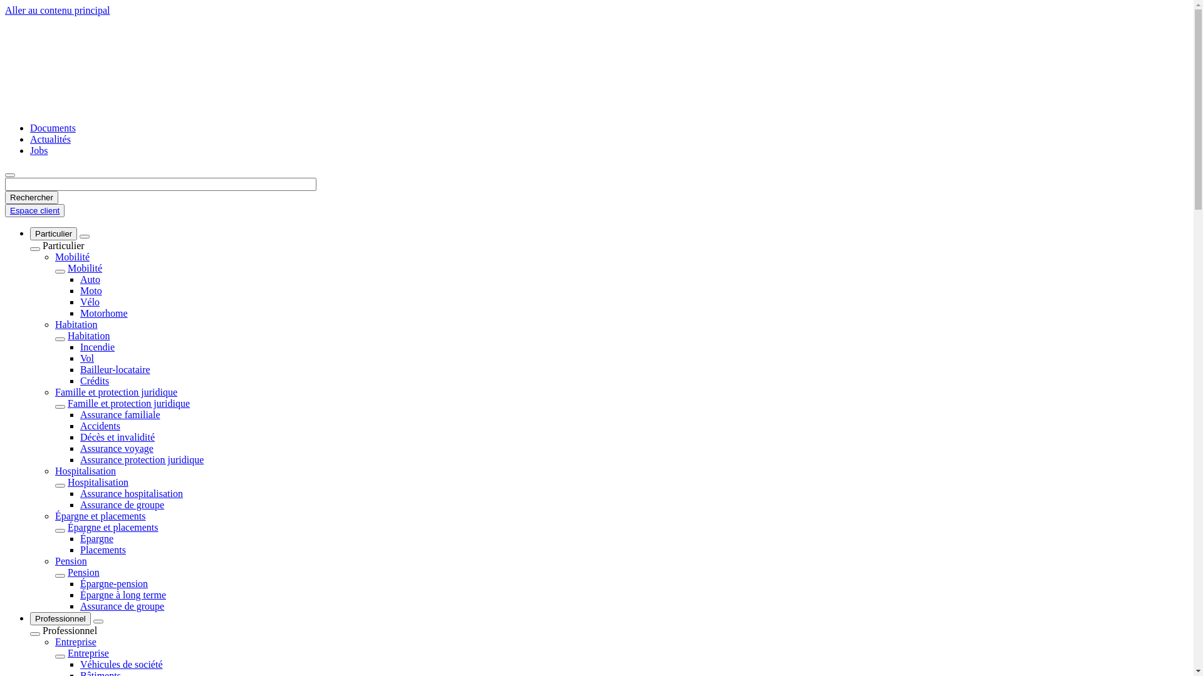 This screenshot has width=1203, height=676. Describe the element at coordinates (87, 652) in the screenshot. I see `'Entreprise'` at that location.